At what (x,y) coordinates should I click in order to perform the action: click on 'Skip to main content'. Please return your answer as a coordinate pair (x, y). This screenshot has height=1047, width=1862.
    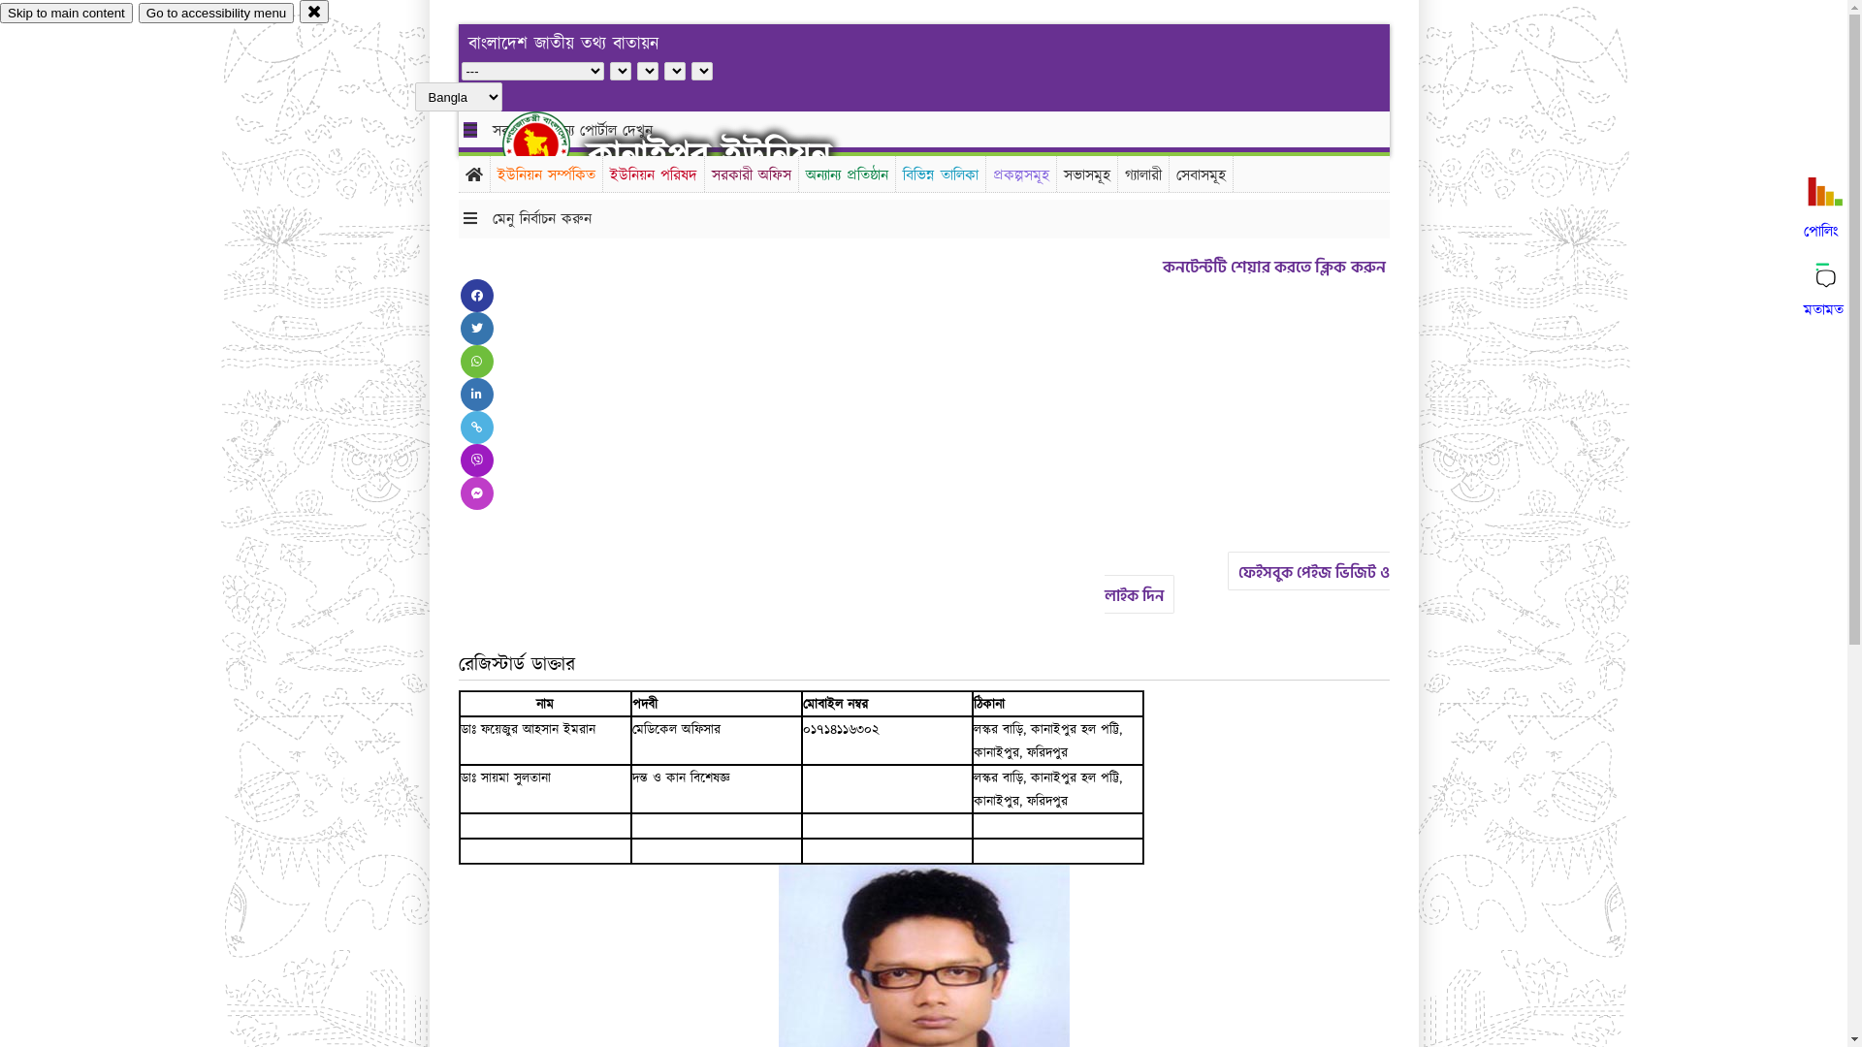
    Looking at the image, I should click on (66, 13).